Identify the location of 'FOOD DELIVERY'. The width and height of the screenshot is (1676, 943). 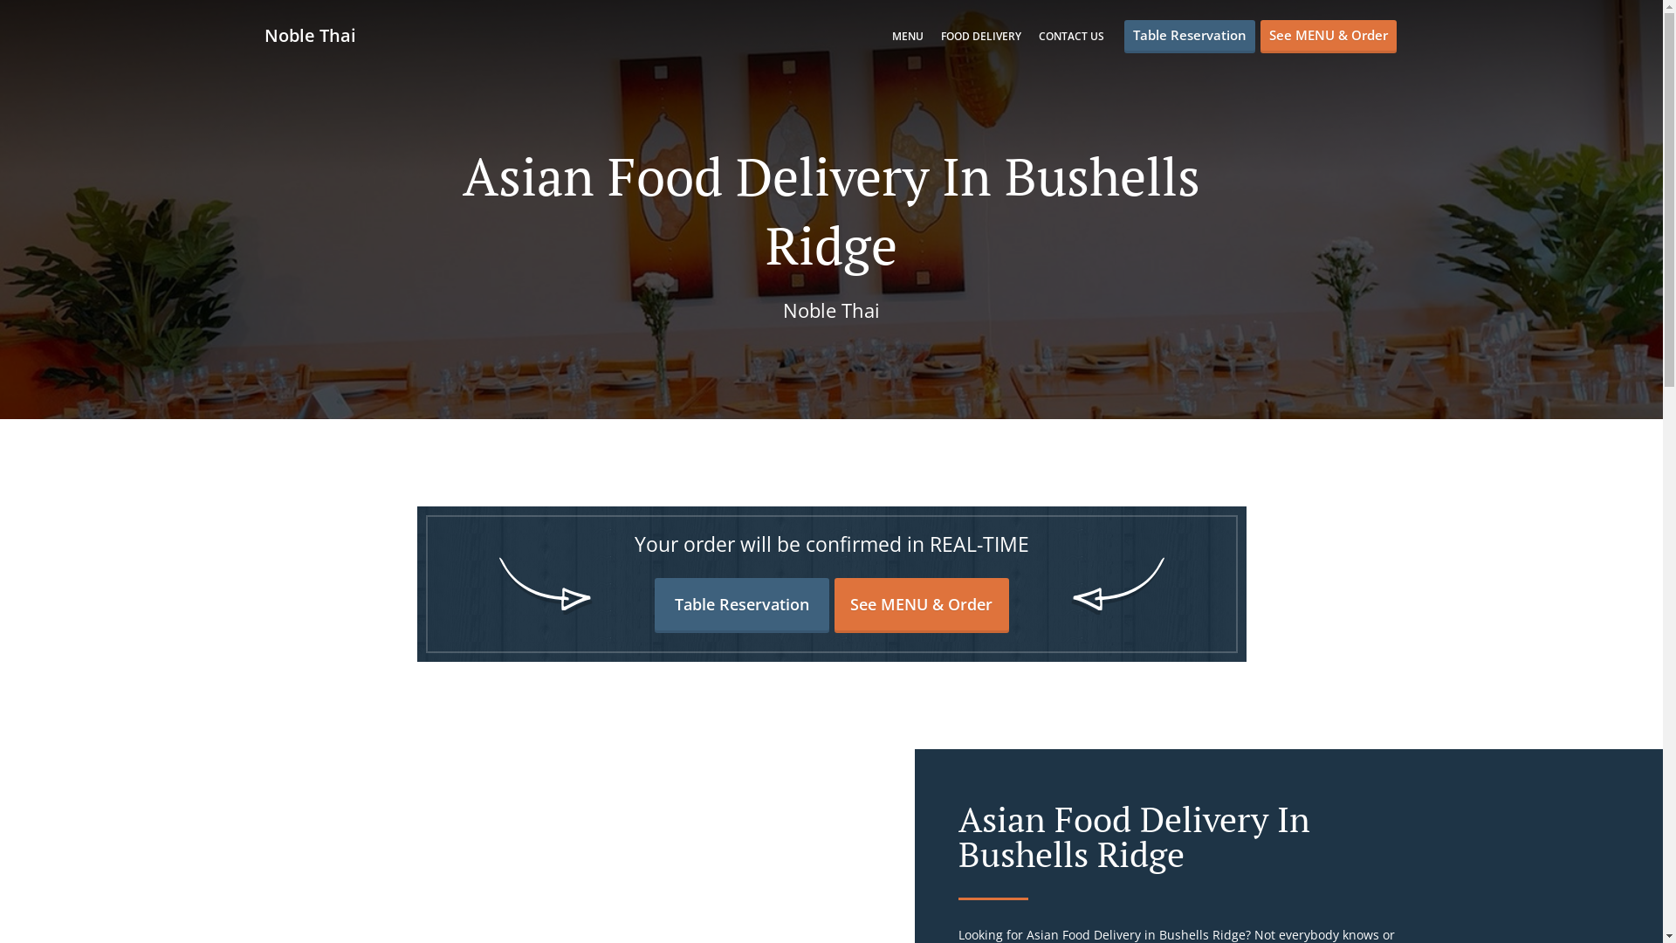
(980, 36).